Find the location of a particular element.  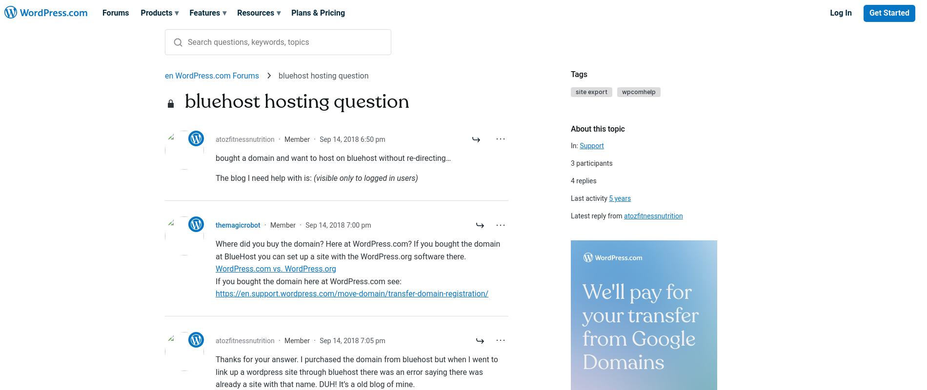

'3 participants' is located at coordinates (591, 163).